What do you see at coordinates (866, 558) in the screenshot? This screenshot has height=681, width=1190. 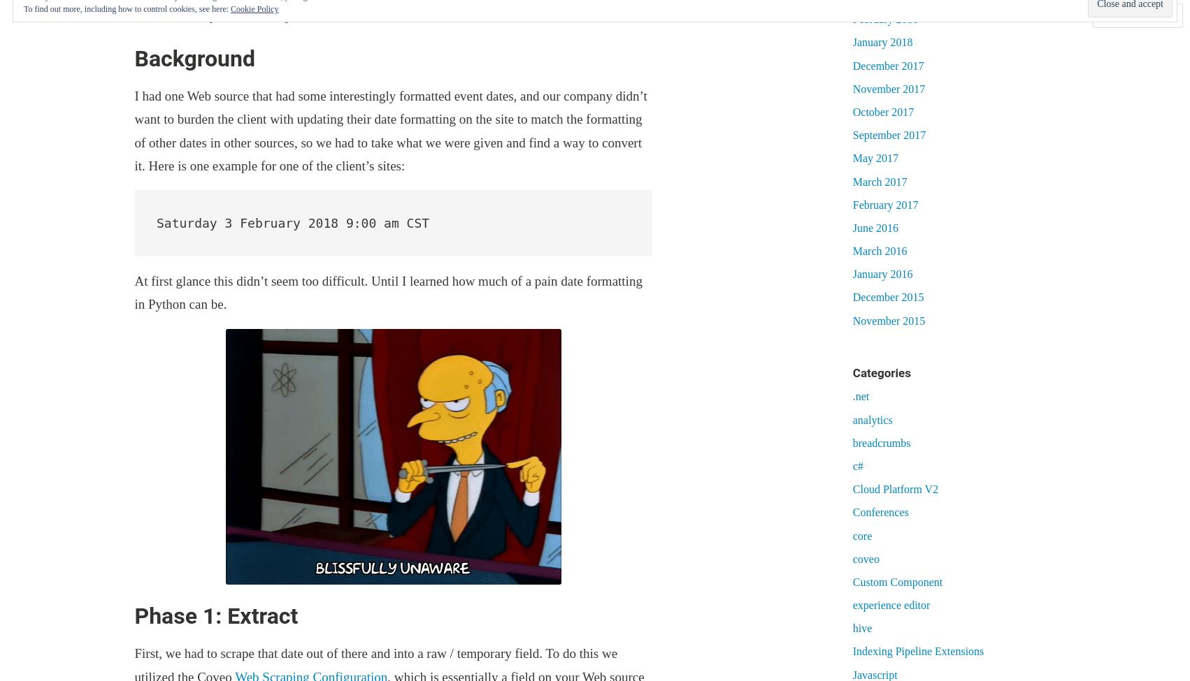 I see `'coveo'` at bounding box center [866, 558].